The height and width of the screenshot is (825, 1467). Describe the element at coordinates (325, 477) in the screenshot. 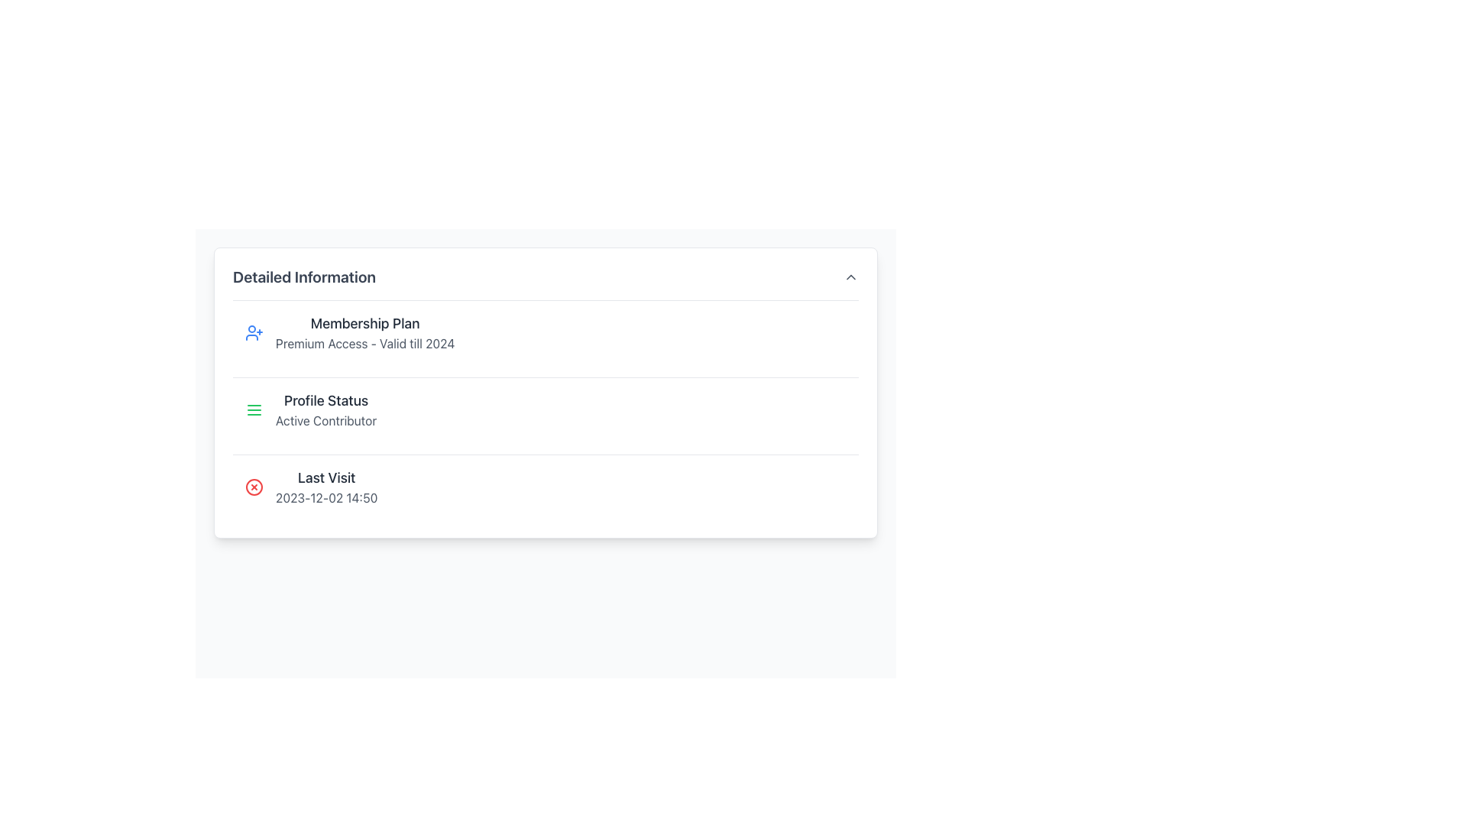

I see `the Text Label that acts as a heading for the timestamp of the last visit, situated below the 'Profile Status' section and above the timestamp '2023-12-02 14:50'` at that location.